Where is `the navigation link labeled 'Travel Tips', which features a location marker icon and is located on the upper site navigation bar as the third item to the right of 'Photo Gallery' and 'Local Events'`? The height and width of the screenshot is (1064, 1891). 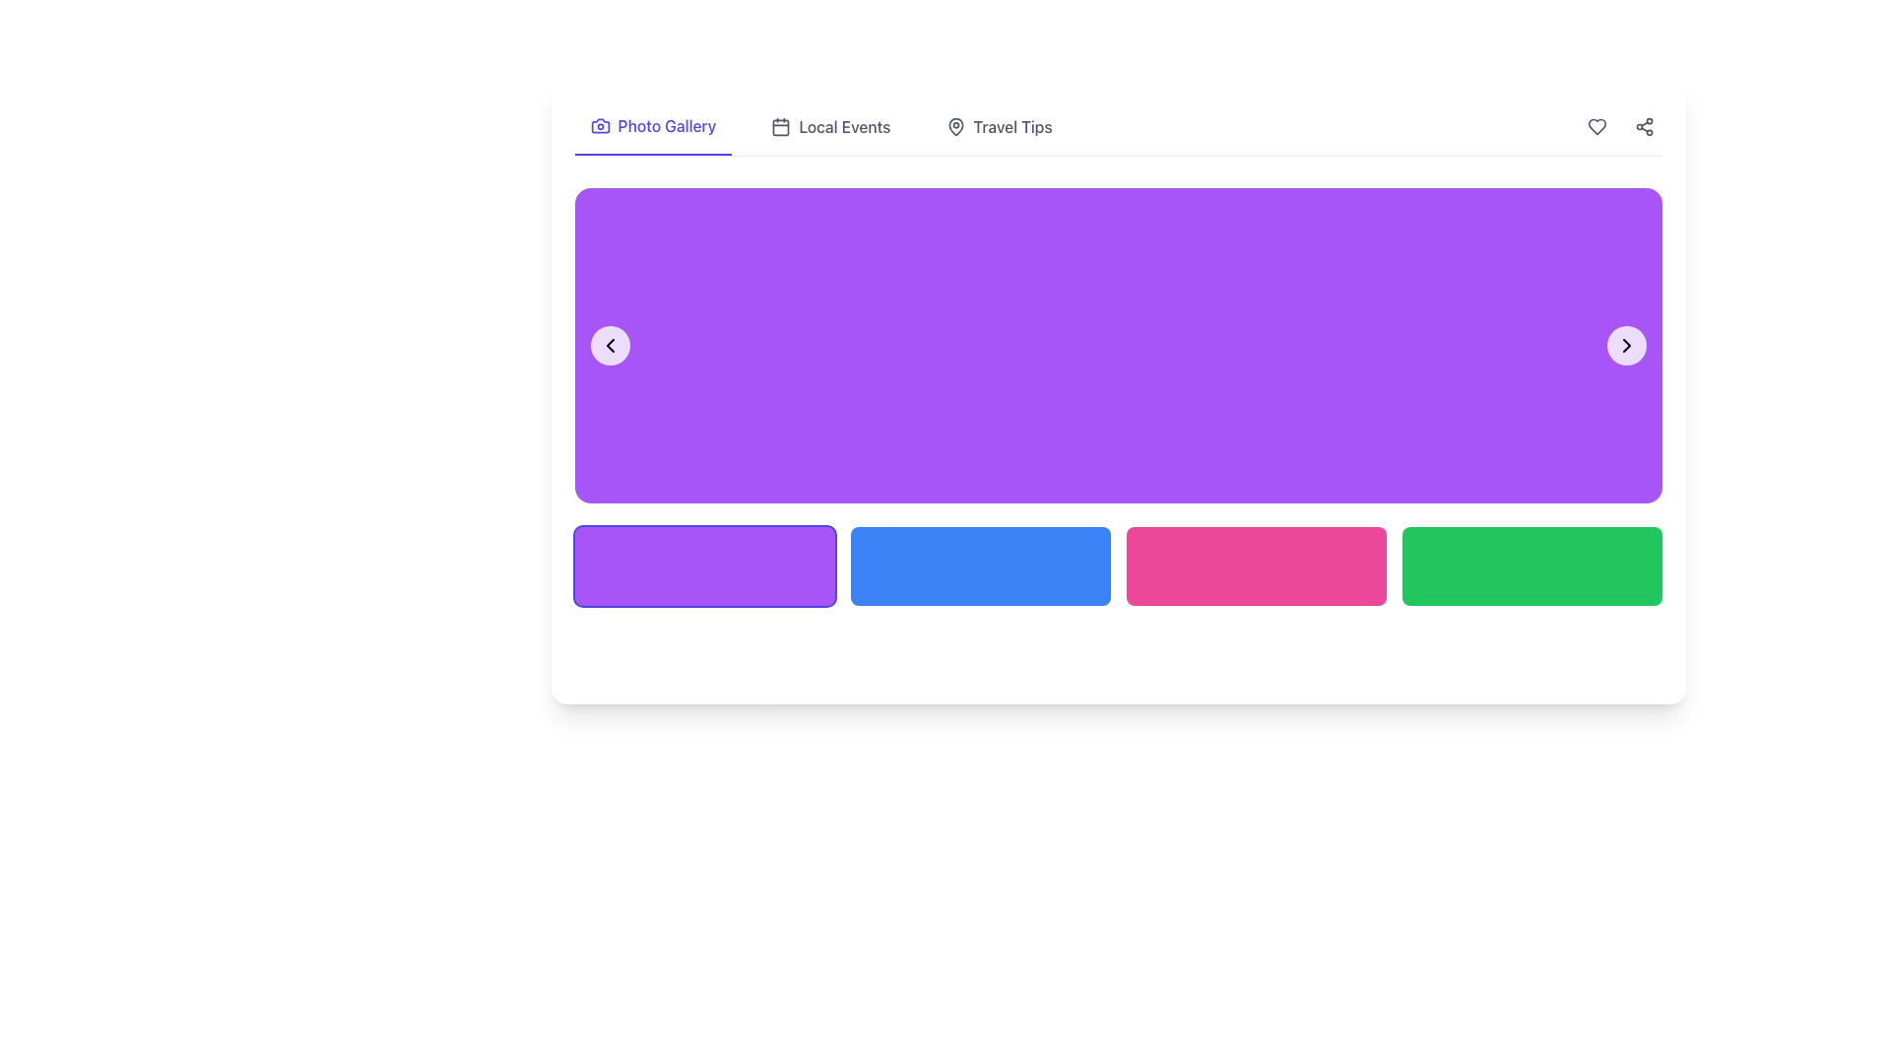 the navigation link labeled 'Travel Tips', which features a location marker icon and is located on the upper site navigation bar as the third item to the right of 'Photo Gallery' and 'Local Events' is located at coordinates (999, 126).